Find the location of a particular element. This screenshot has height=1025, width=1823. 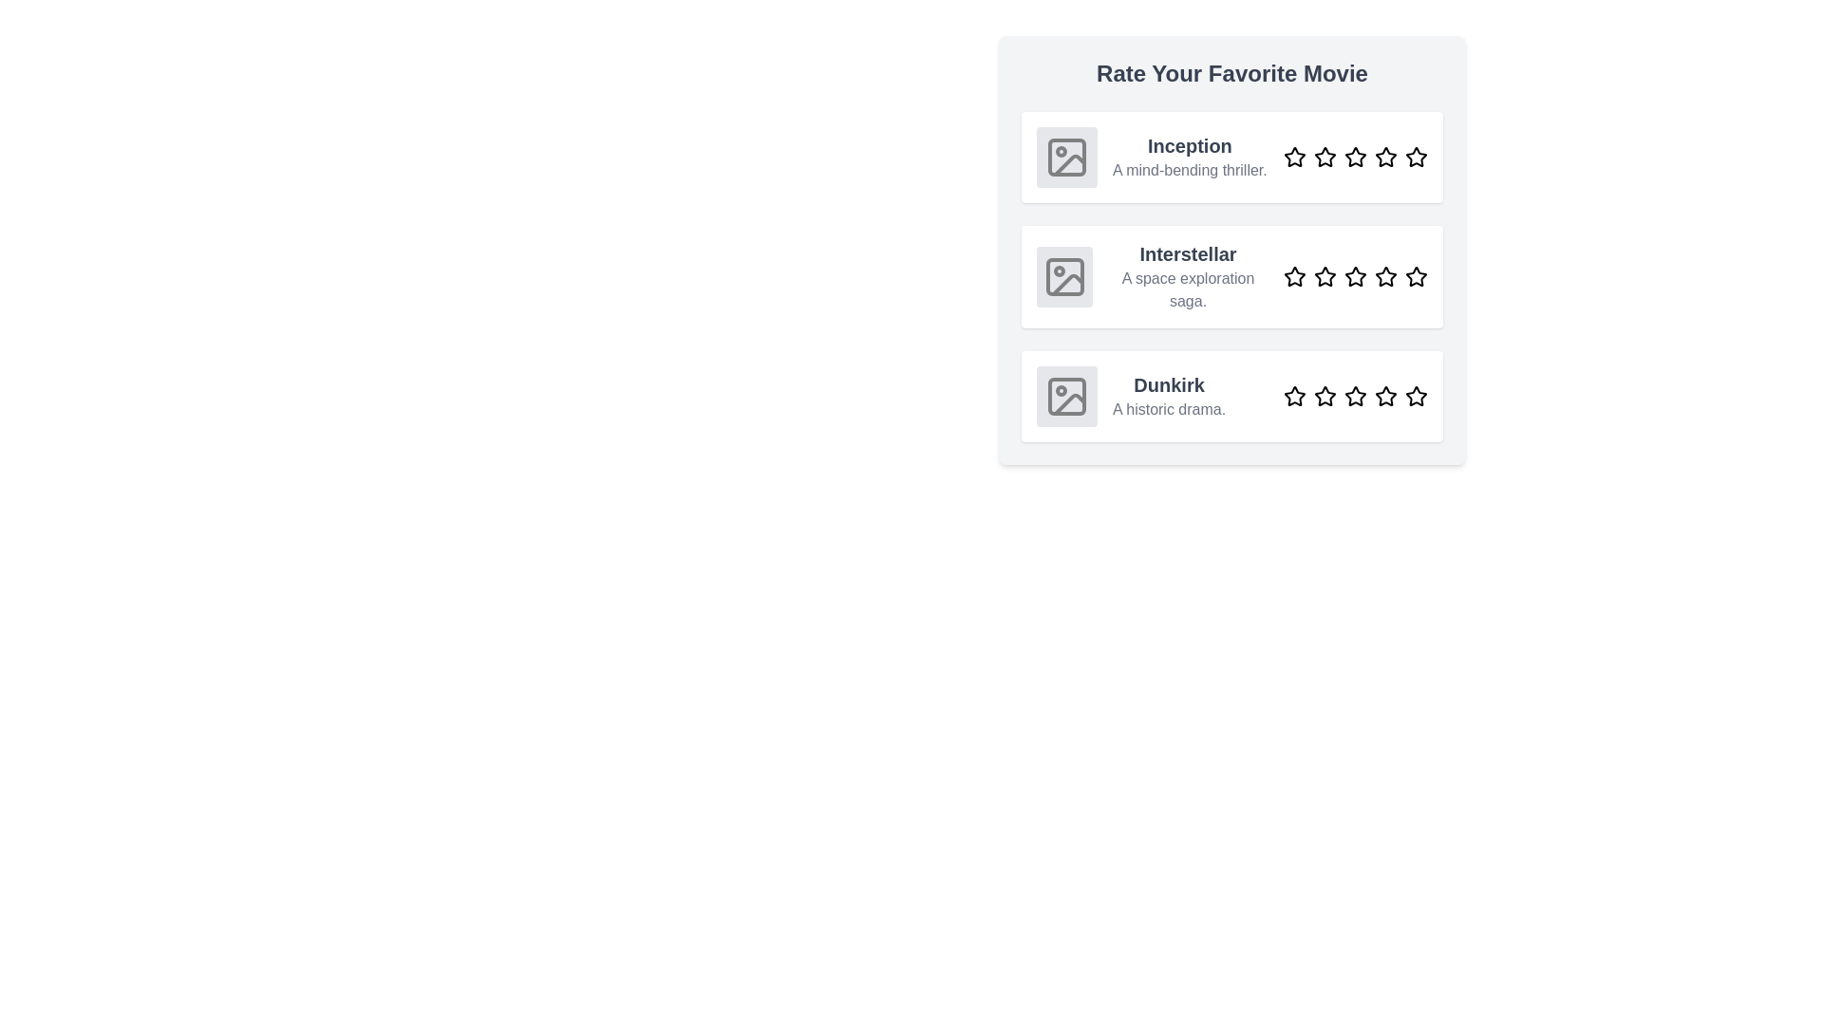

the first interactive rating star with a gray outline for the movie 'Dunkirk' to assign a rating is located at coordinates (1293, 395).